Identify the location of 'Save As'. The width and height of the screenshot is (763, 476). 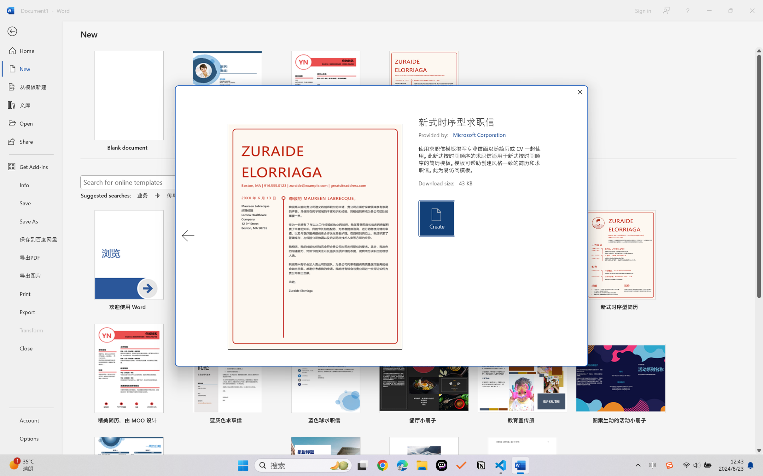
(31, 221).